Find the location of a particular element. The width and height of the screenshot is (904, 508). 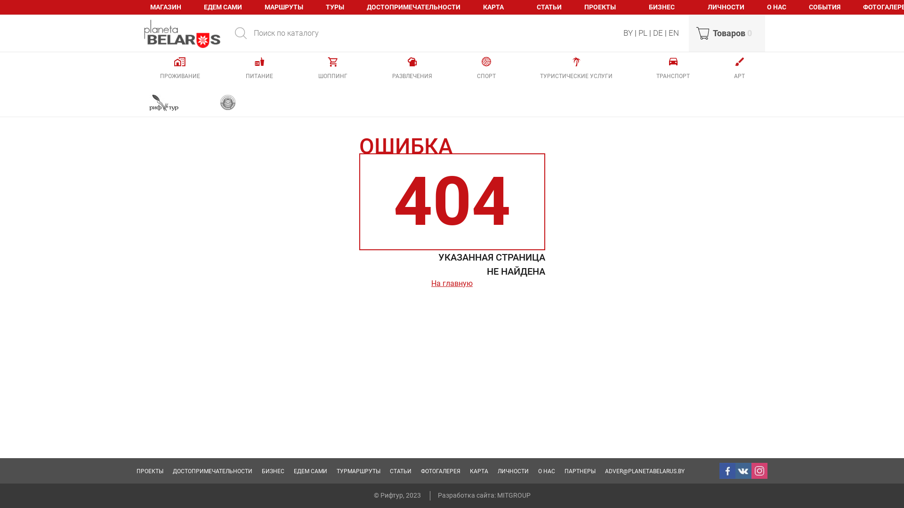

'ADVER@PLANETABELARUS.BY' is located at coordinates (644, 471).